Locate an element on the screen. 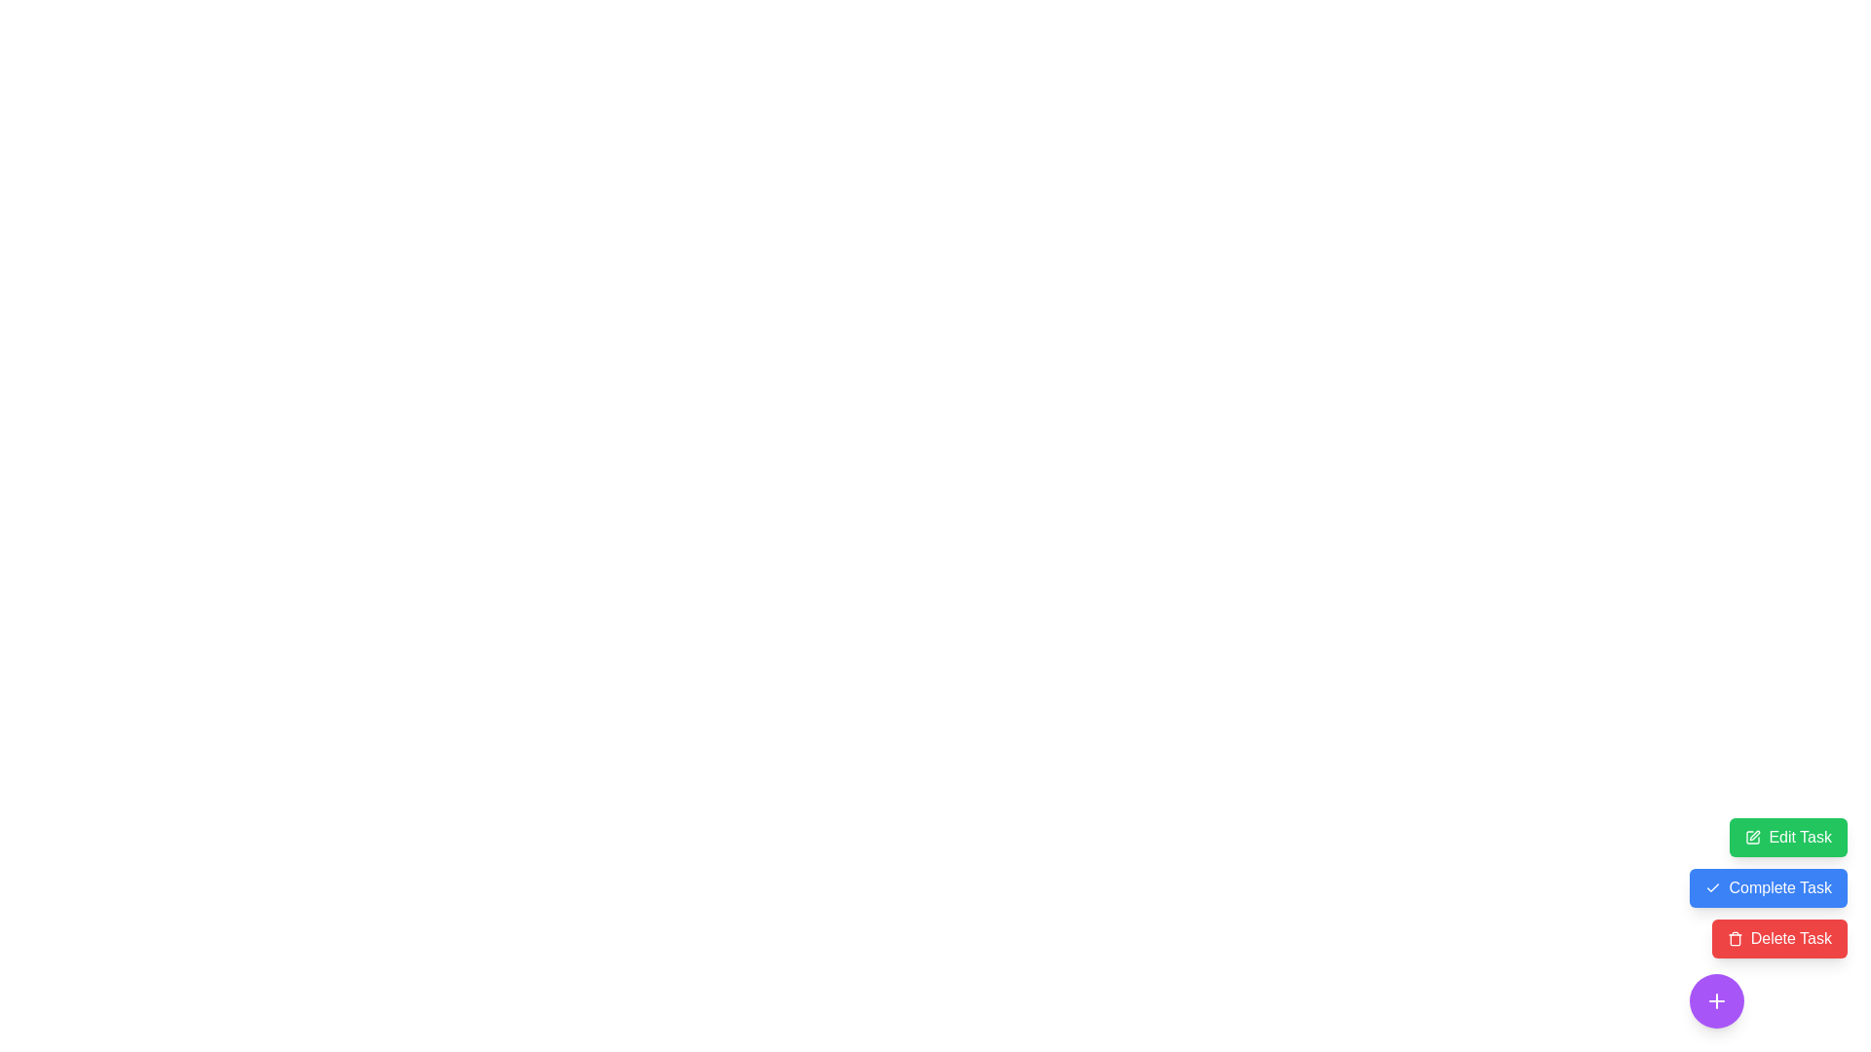  the second button in the vertical stack of action buttons to mark the task as completed is located at coordinates (1769, 887).